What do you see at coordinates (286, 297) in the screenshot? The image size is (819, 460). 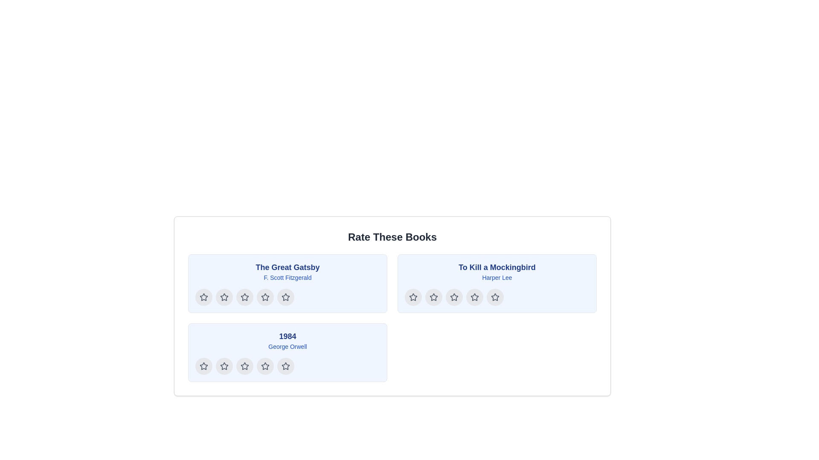 I see `the fifth rating star button, which has a circular shape with a soft gray background and a centered outlined star icon` at bounding box center [286, 297].